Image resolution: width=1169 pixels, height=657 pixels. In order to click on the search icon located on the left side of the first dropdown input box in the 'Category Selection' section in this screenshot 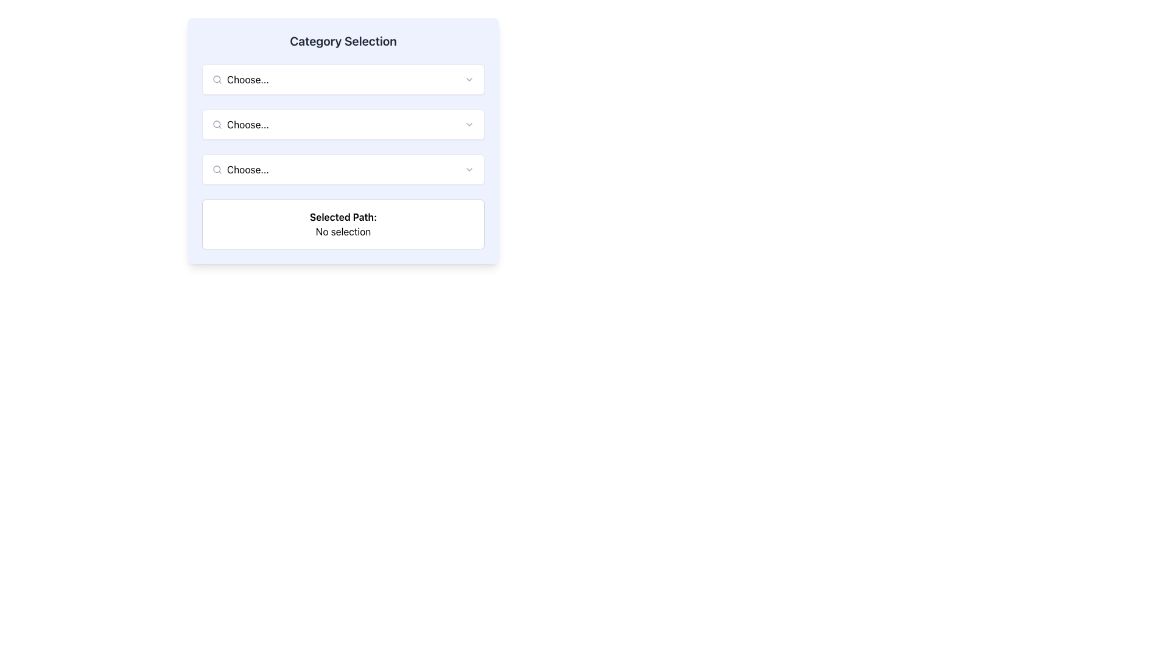, I will do `click(217, 80)`.